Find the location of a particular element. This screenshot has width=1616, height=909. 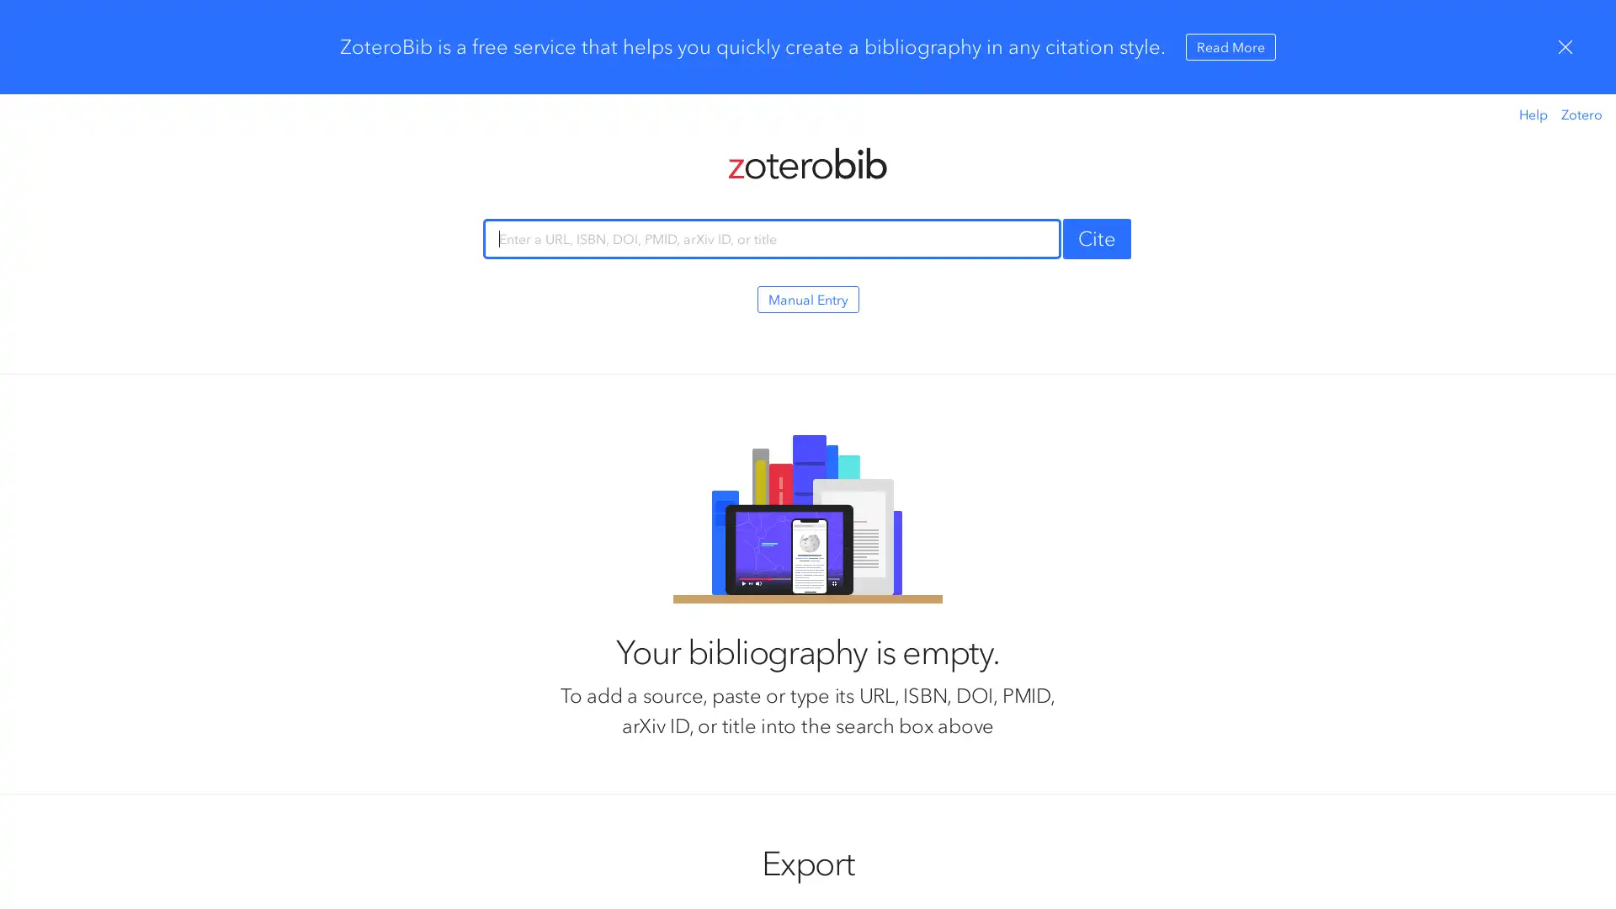

Manual Entry is located at coordinates (806, 298).